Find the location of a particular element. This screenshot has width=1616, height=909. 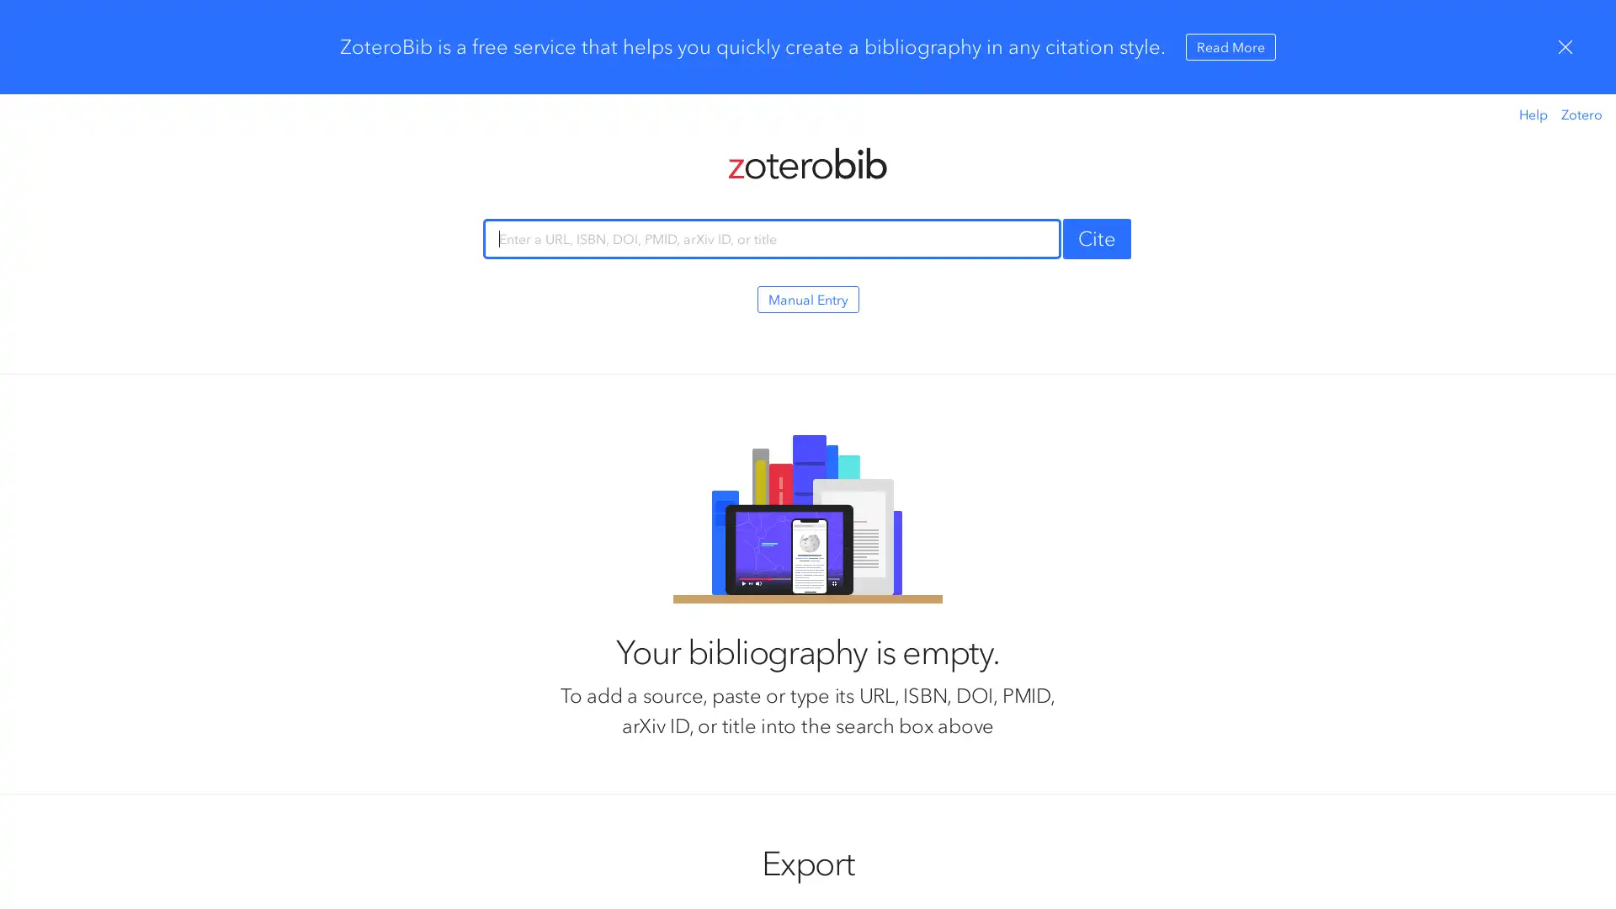

Manual Entry is located at coordinates (806, 298).